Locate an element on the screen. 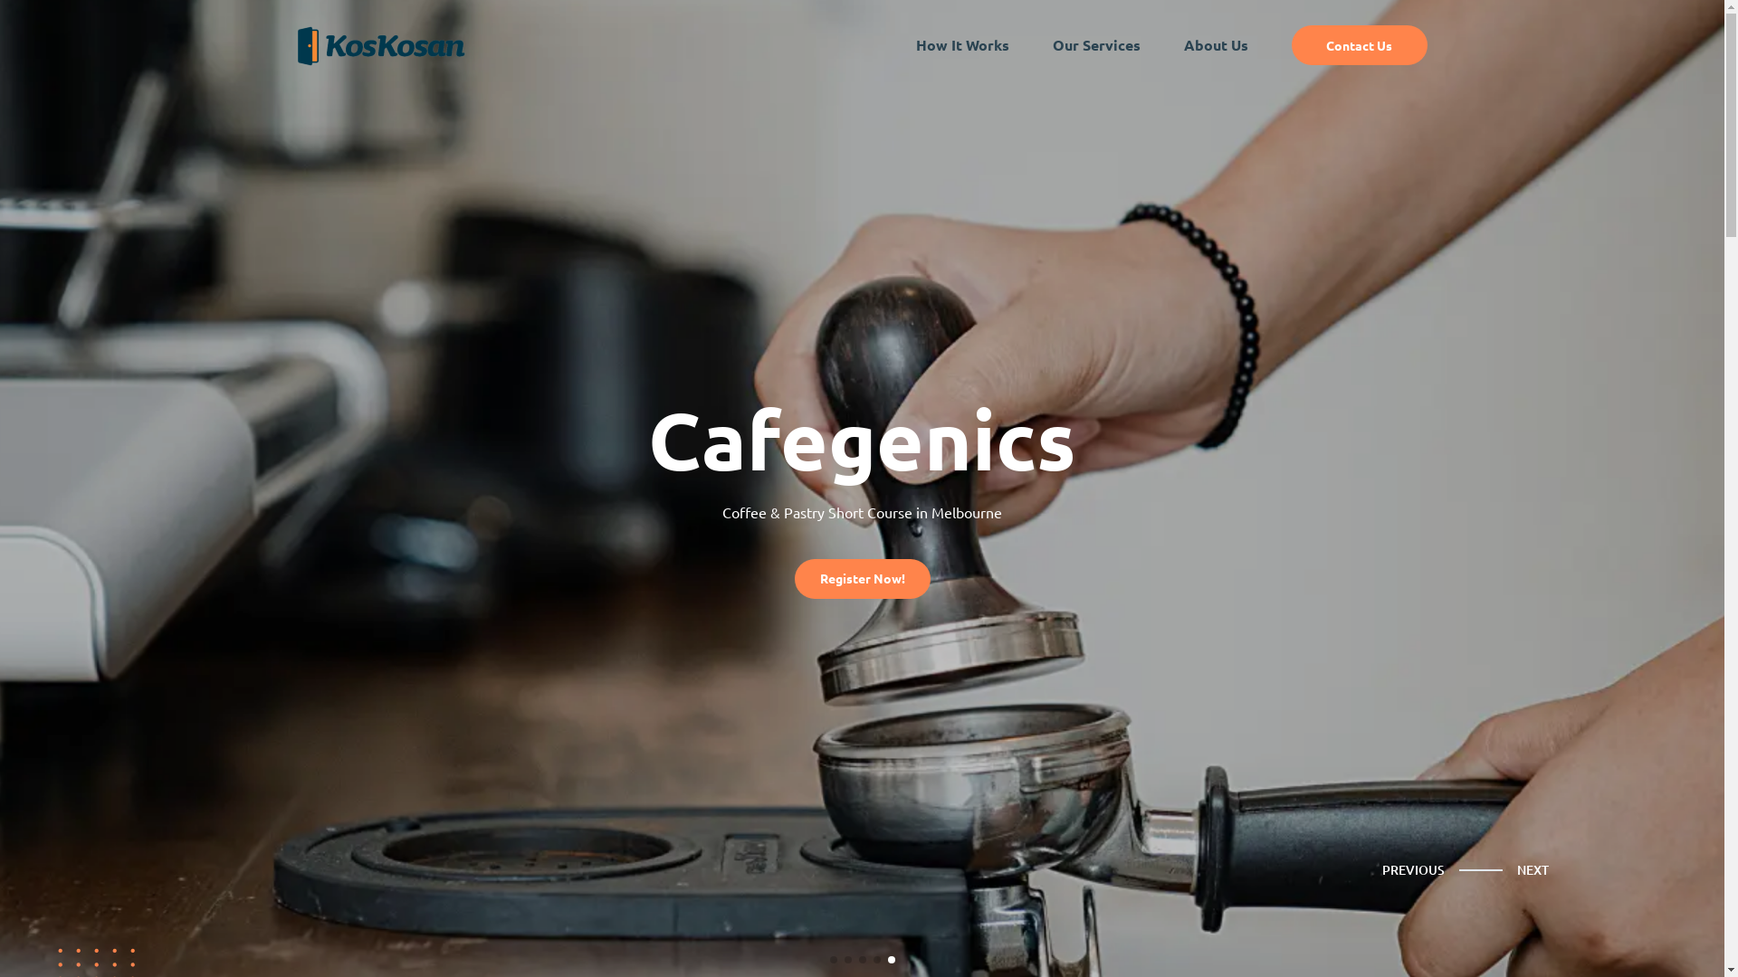 Image resolution: width=1738 pixels, height=977 pixels. 'Register Now!' is located at coordinates (862, 575).